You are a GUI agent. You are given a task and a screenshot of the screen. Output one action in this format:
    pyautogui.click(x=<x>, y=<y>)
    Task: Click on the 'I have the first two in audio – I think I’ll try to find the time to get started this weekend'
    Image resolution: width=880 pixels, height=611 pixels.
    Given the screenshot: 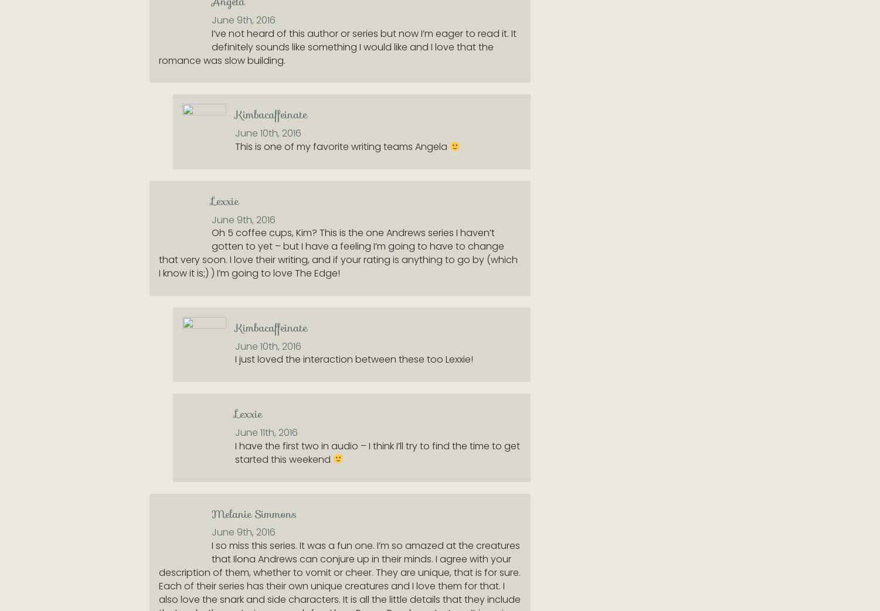 What is the action you would take?
    pyautogui.click(x=376, y=452)
    